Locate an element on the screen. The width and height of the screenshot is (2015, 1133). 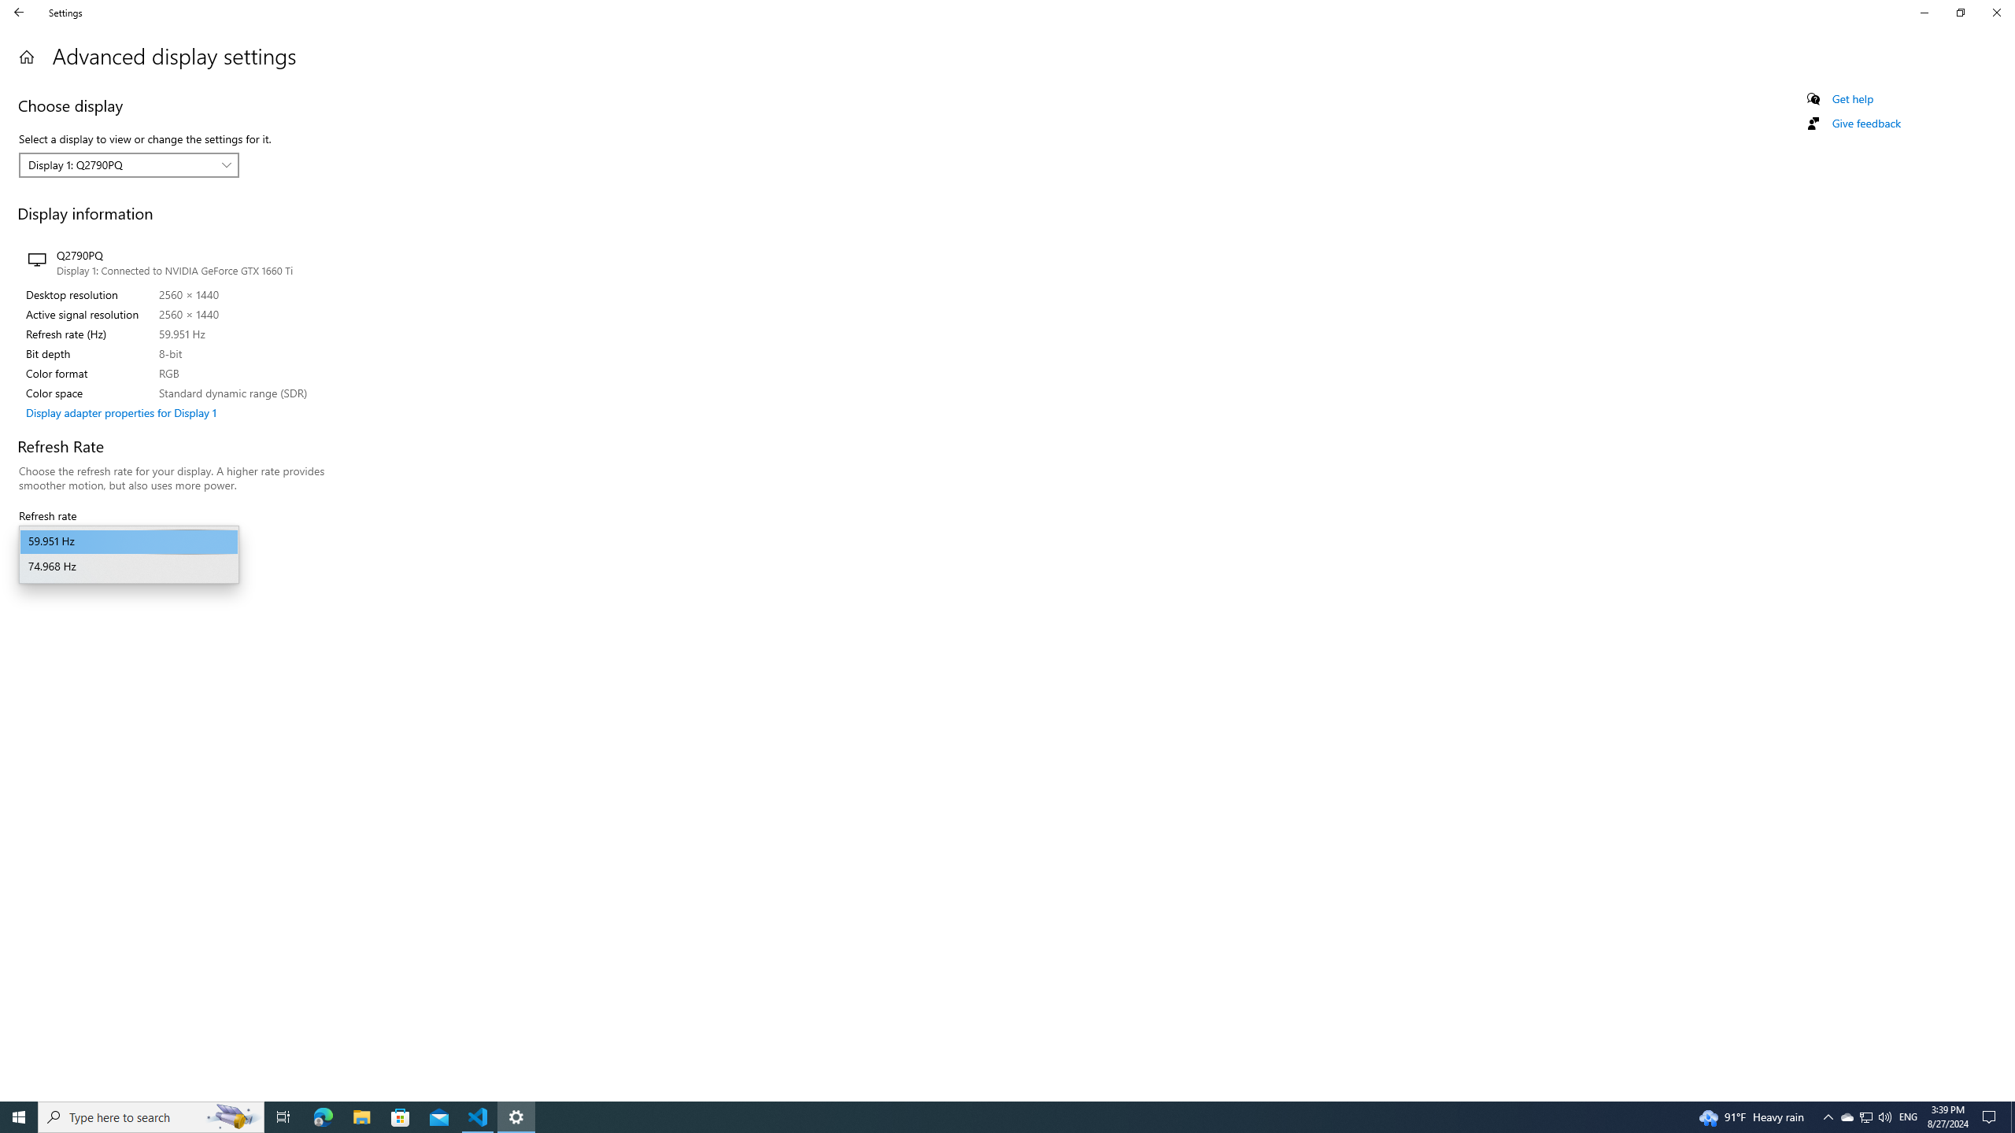
'Visual Studio Code - 1 running window' is located at coordinates (478, 1116).